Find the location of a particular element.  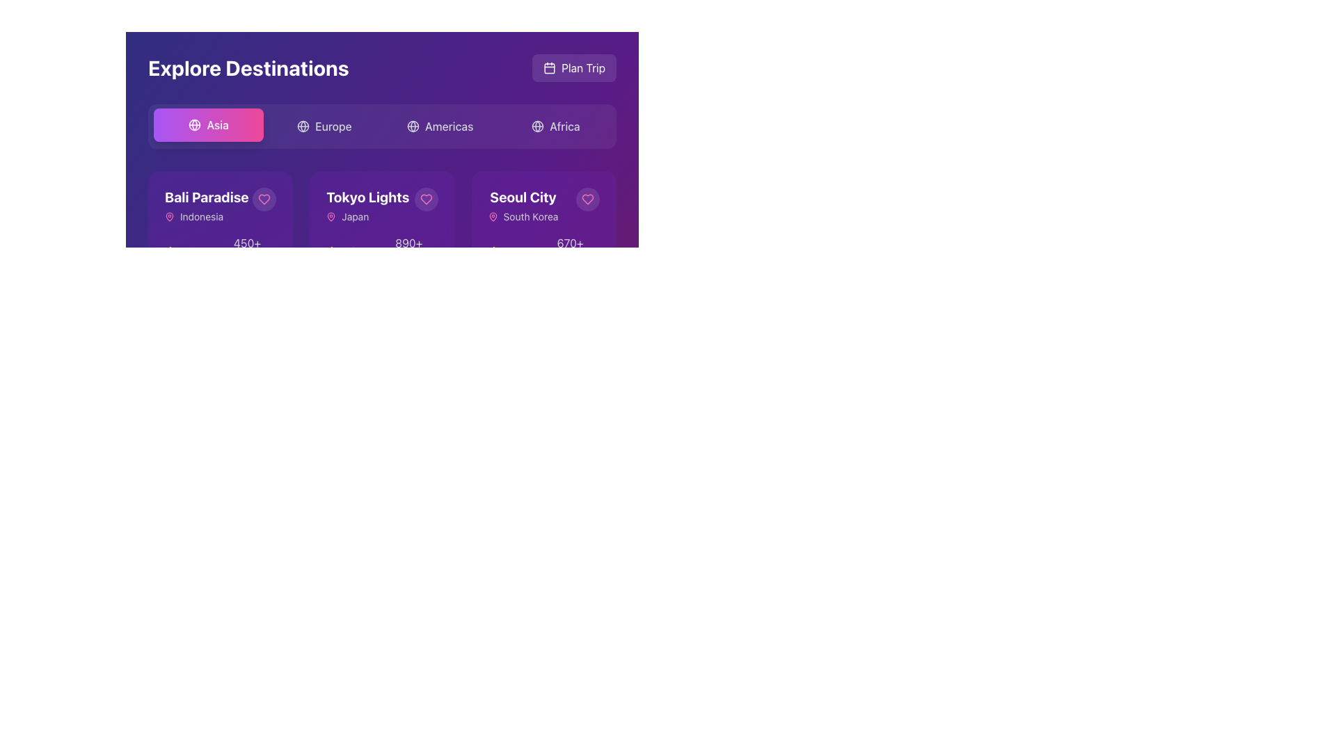

the card representing 'Seoul City' is located at coordinates (523, 197).